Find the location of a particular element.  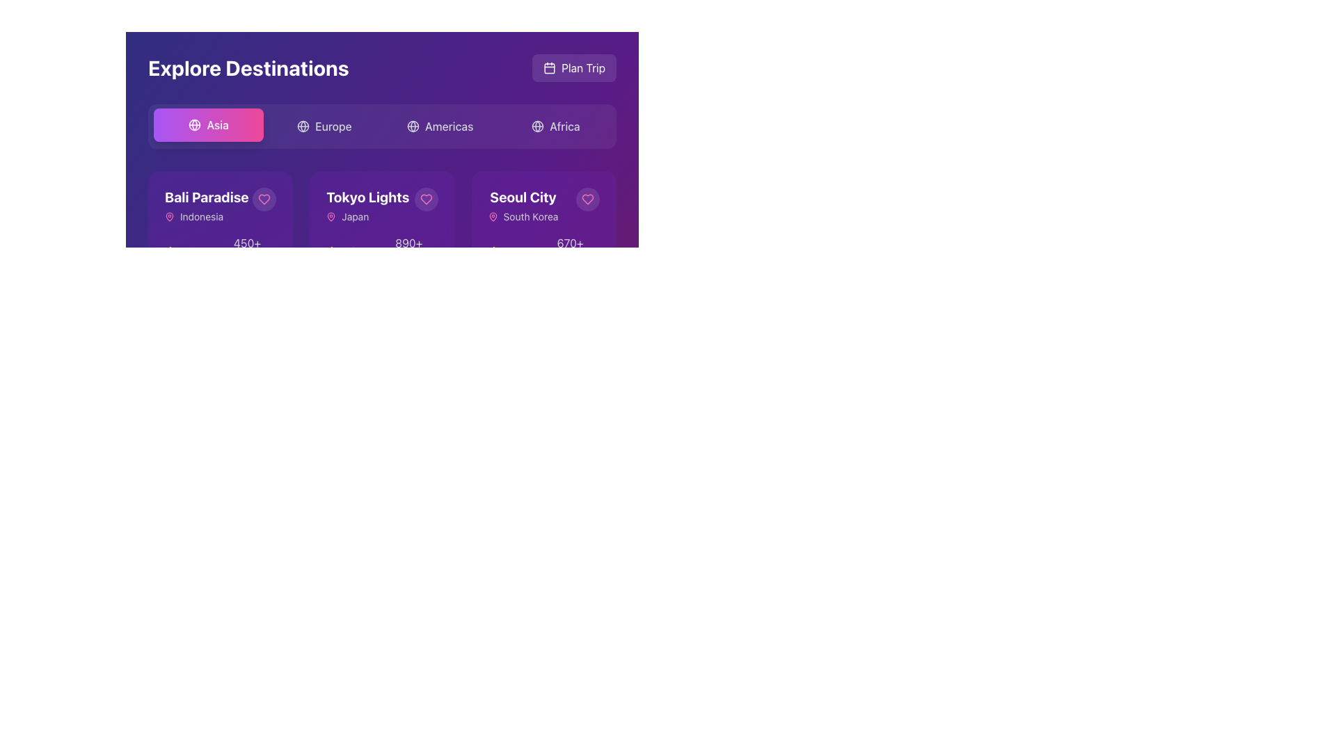

the card representing 'Seoul City' is located at coordinates (523, 197).